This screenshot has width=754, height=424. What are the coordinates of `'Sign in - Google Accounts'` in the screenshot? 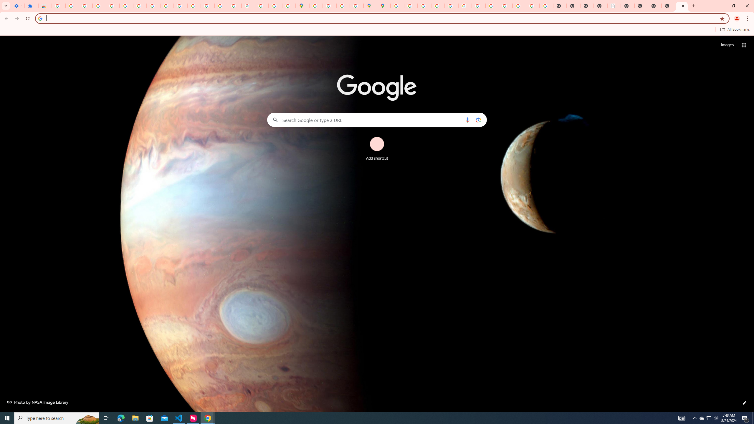 It's located at (58, 6).